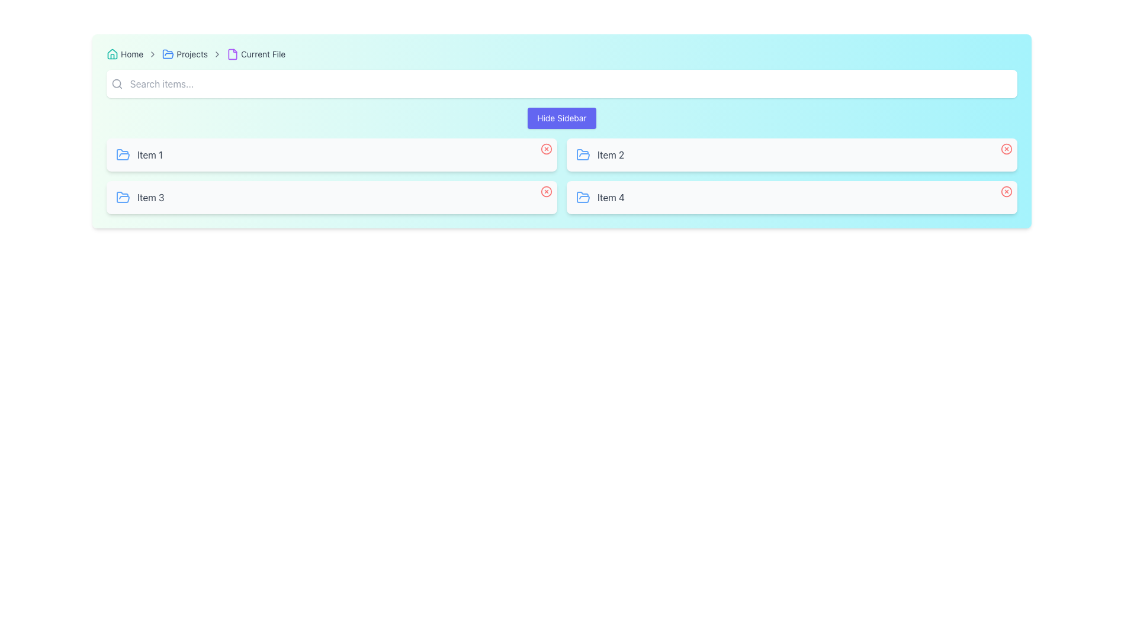 This screenshot has height=639, width=1137. Describe the element at coordinates (125, 54) in the screenshot. I see `the first Breadcrumb Navigation Item located at the top-left of the interface` at that location.